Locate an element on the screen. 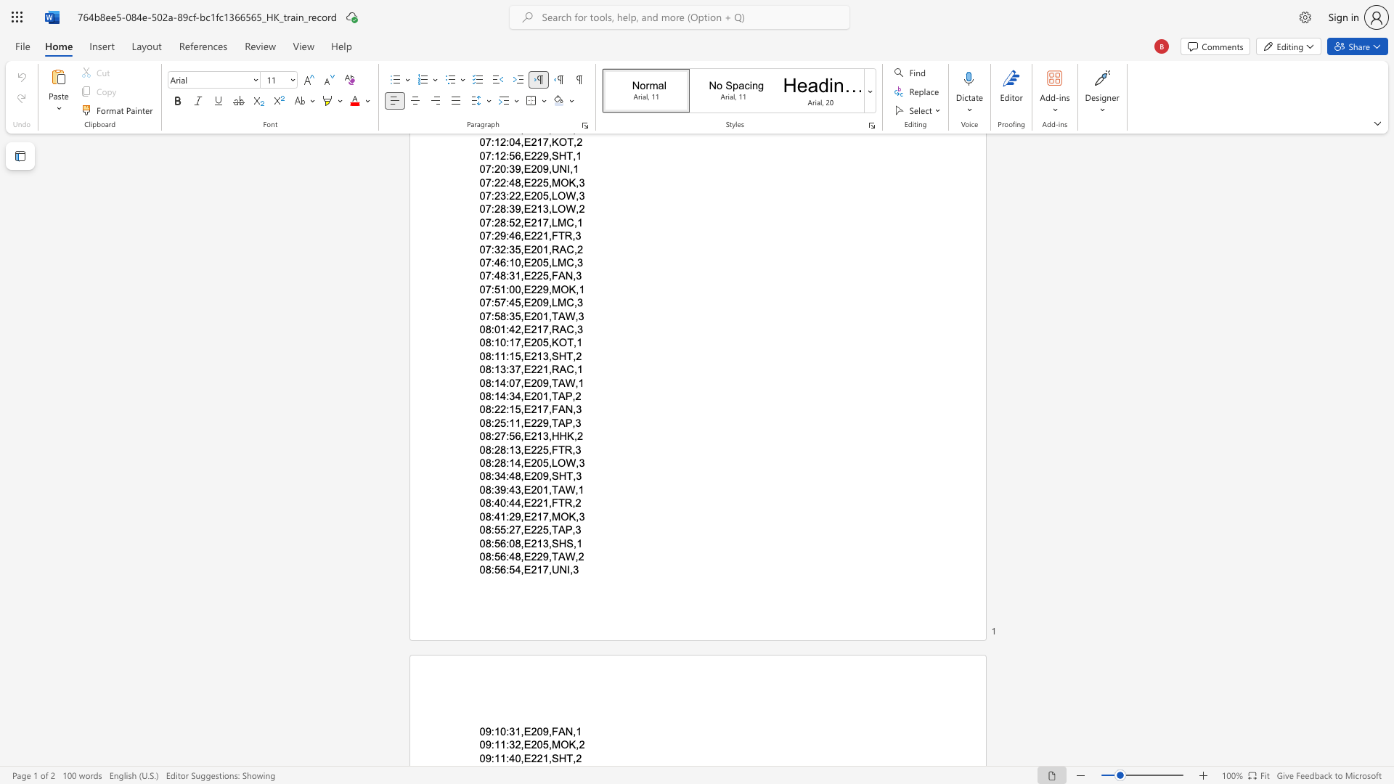 Image resolution: width=1394 pixels, height=784 pixels. the space between the continuous character "4" and "1" in the text is located at coordinates (500, 515).